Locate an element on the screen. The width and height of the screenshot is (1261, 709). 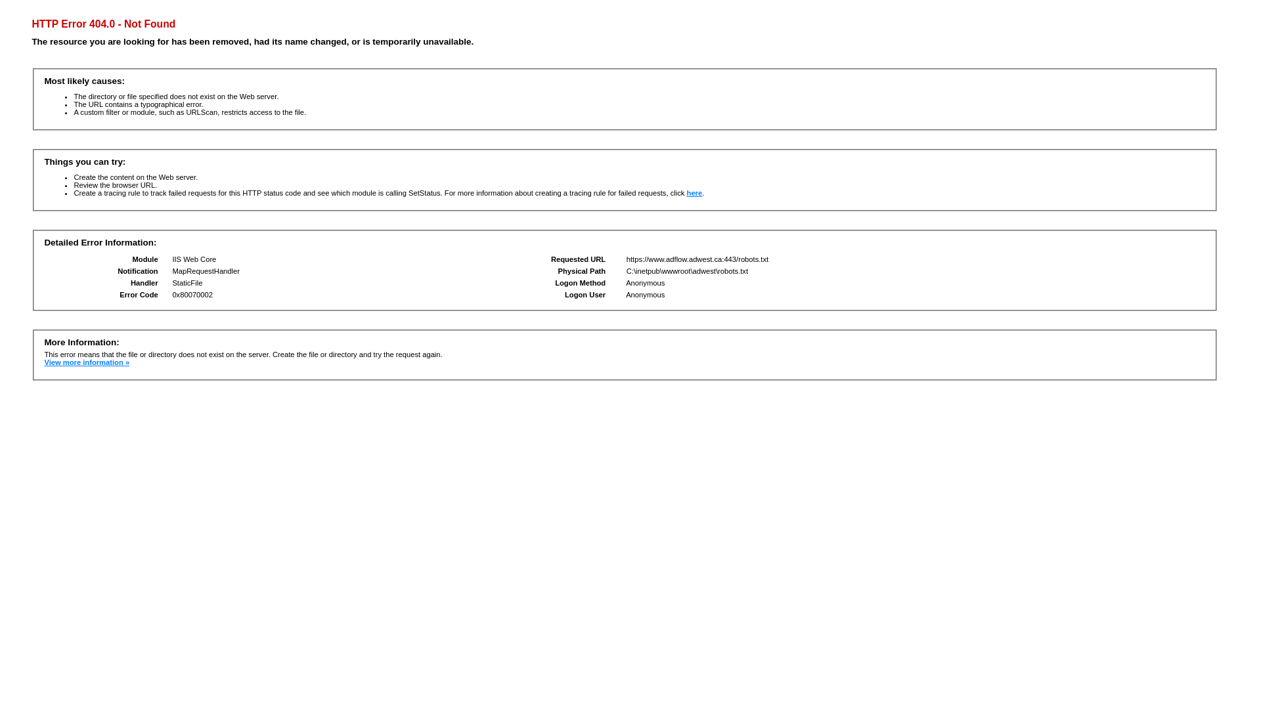
'here' is located at coordinates (694, 192).